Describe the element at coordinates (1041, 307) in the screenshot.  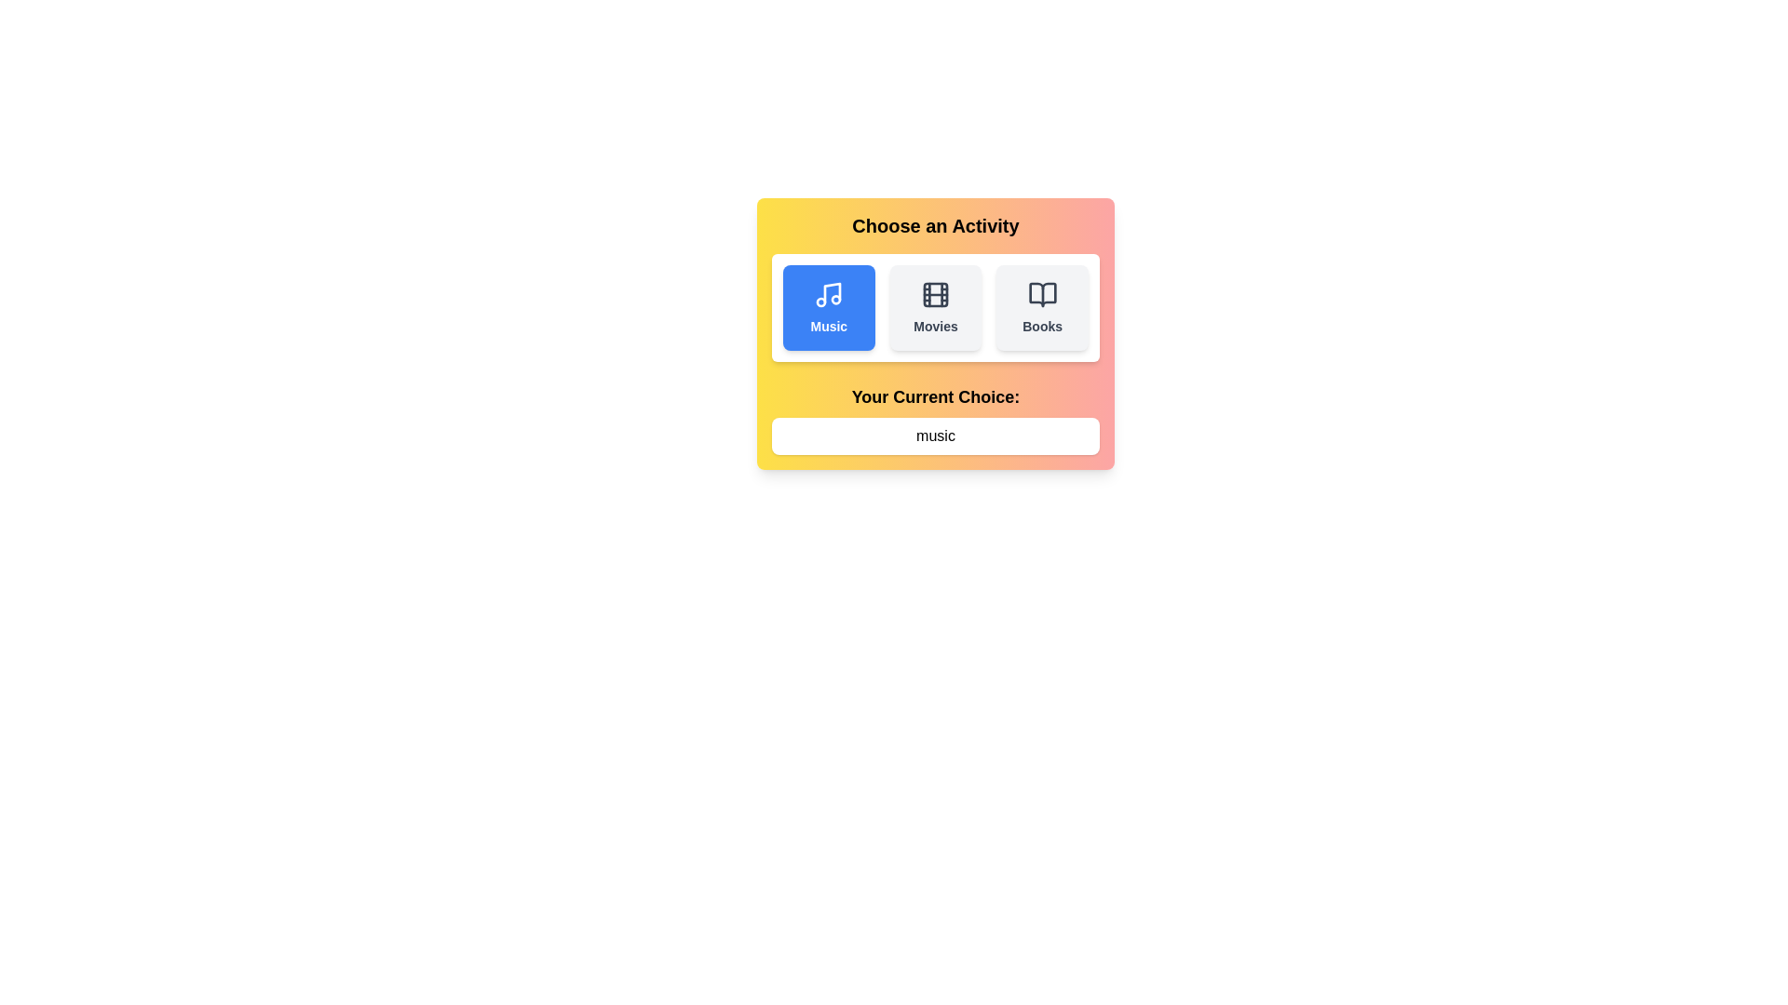
I see `the activity button labeled Books` at that location.